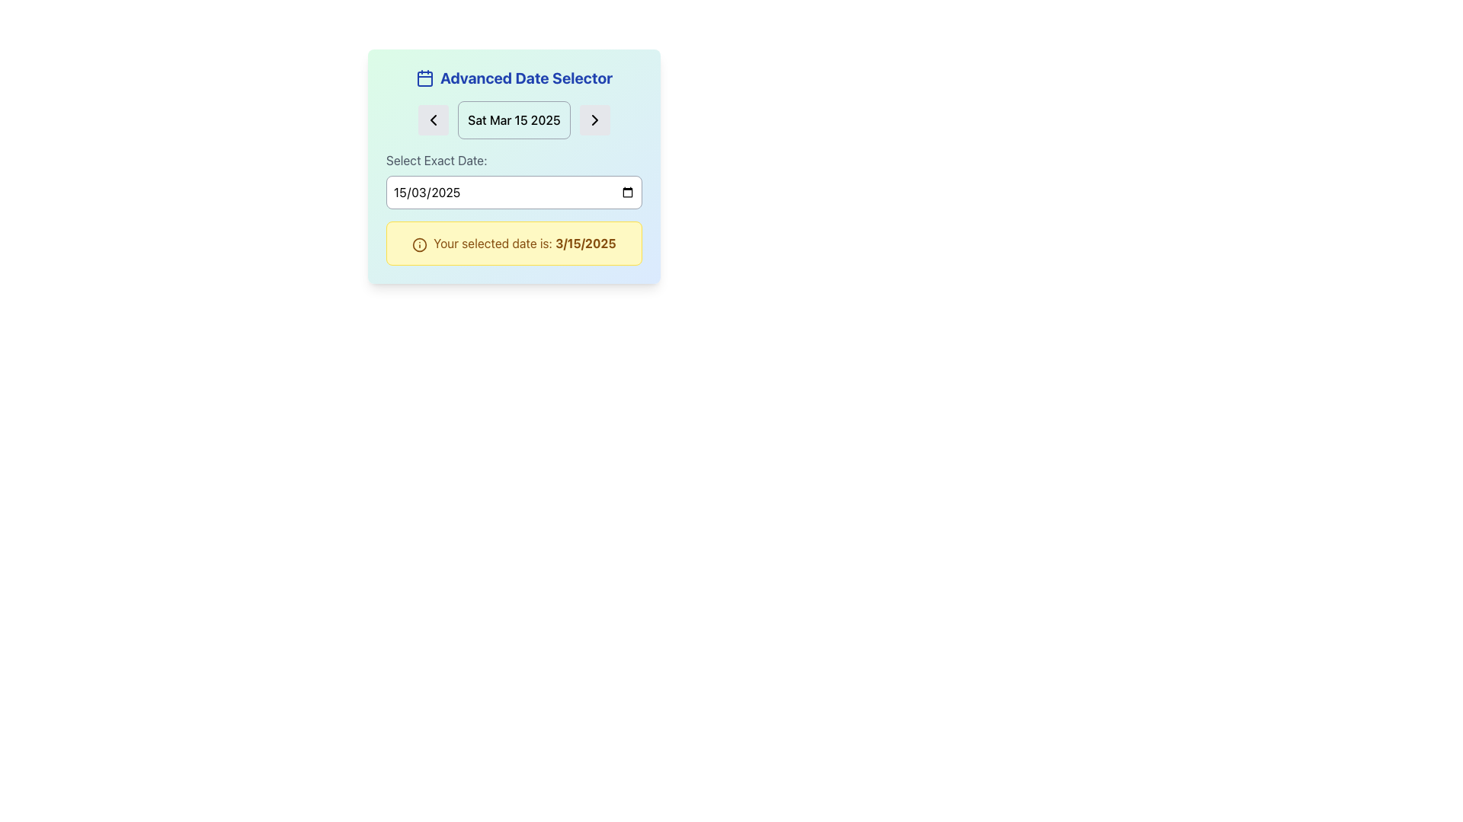 The height and width of the screenshot is (822, 1463). Describe the element at coordinates (514, 119) in the screenshot. I see `the date label displaying 'Sat Mar 15 2025' which is centrally located in the gradient-styled card of the 'Advanced Date Selector'` at that location.